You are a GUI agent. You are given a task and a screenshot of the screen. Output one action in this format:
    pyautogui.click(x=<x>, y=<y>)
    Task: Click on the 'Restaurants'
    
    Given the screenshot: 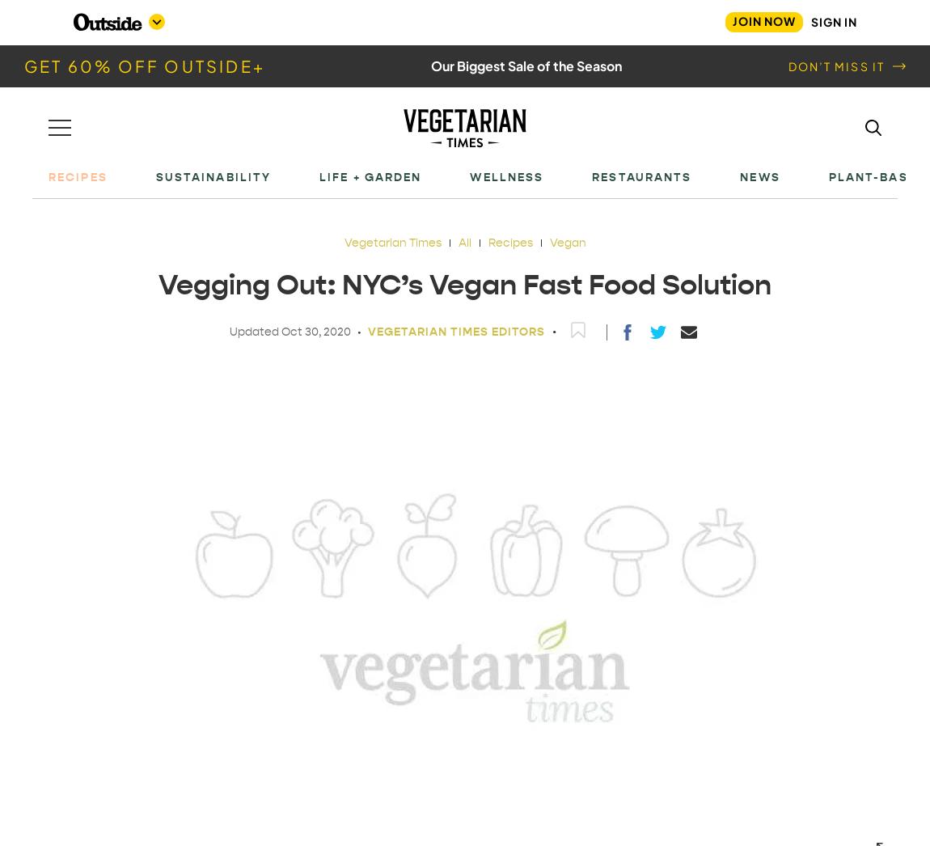 What is the action you would take?
    pyautogui.click(x=640, y=176)
    